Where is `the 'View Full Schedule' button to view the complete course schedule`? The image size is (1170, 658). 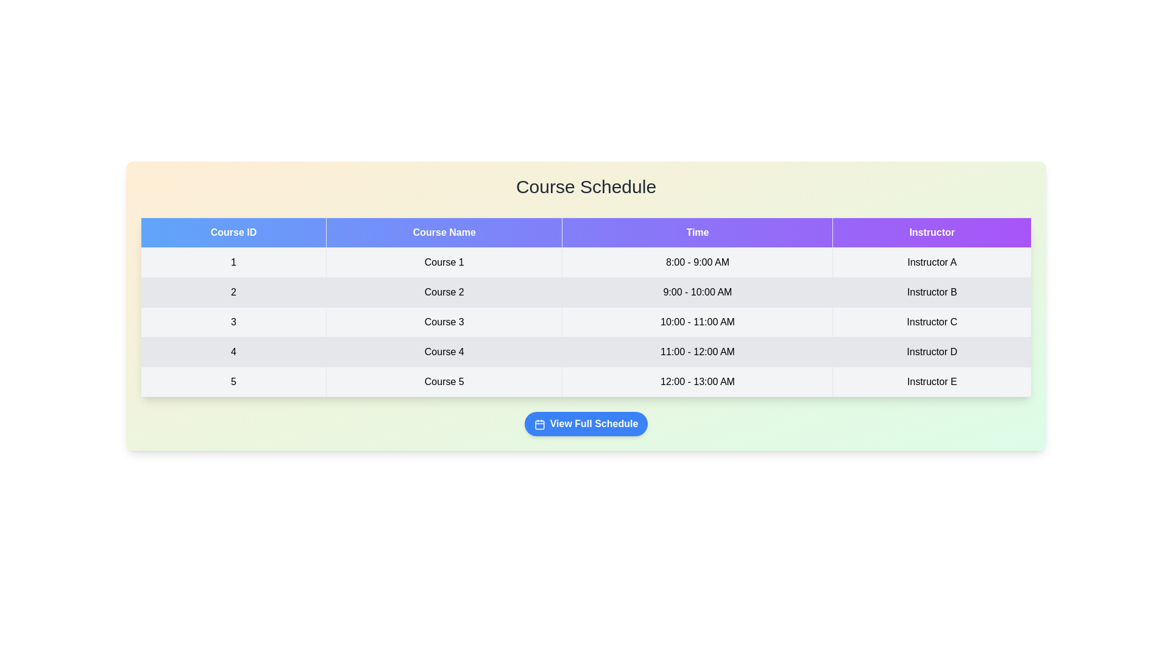 the 'View Full Schedule' button to view the complete course schedule is located at coordinates (586, 423).